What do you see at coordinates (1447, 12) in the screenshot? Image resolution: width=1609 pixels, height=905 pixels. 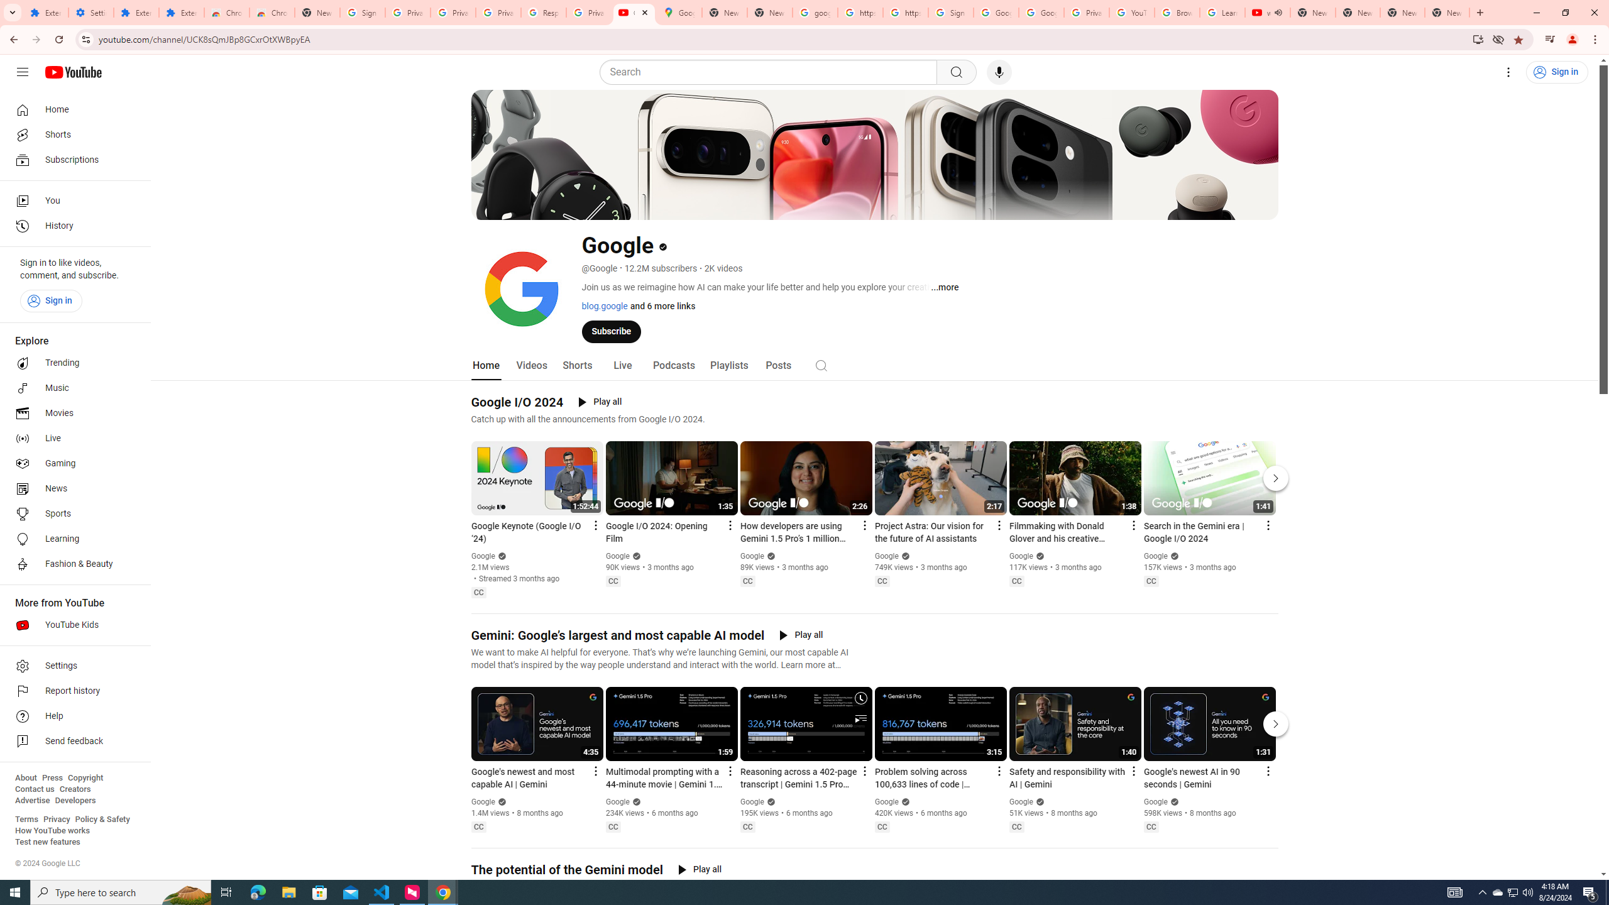 I see `'New Tab'` at bounding box center [1447, 12].